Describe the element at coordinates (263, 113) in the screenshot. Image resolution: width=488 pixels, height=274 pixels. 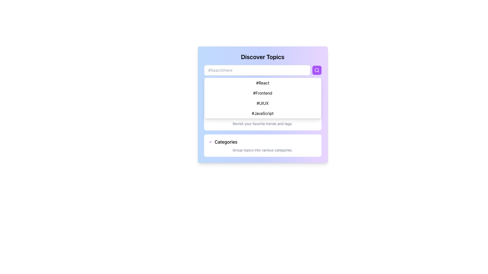
I see `the fourth tag '#JavaScript' in the dropdown under the 'Discover Topics' search field to change its background color` at that location.